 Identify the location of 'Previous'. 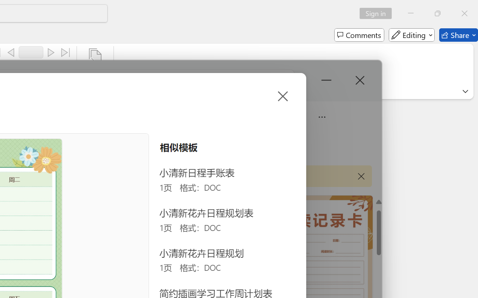
(11, 53).